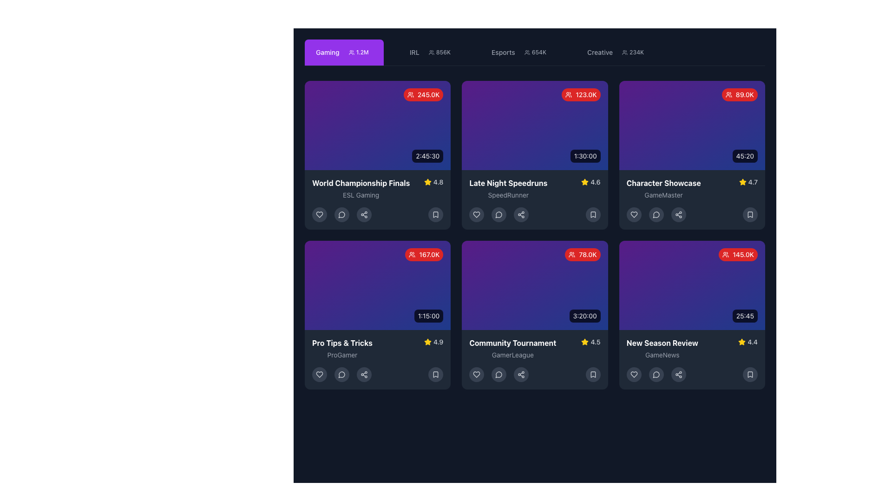  What do you see at coordinates (587, 254) in the screenshot?
I see `text label displaying '78.0K' in bold, small font against a red background, located at the top-right corner of the 'Community Tournament' card` at bounding box center [587, 254].